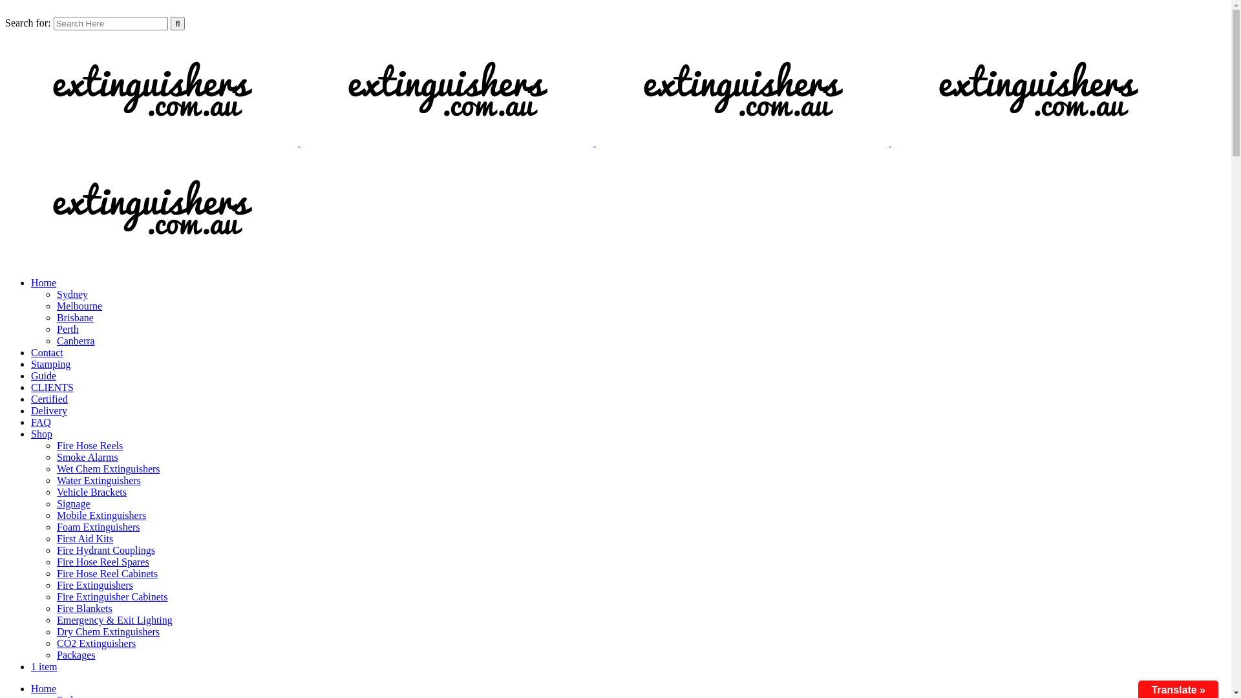  Describe the element at coordinates (56, 527) in the screenshot. I see `'Foam Extinguishers'` at that location.